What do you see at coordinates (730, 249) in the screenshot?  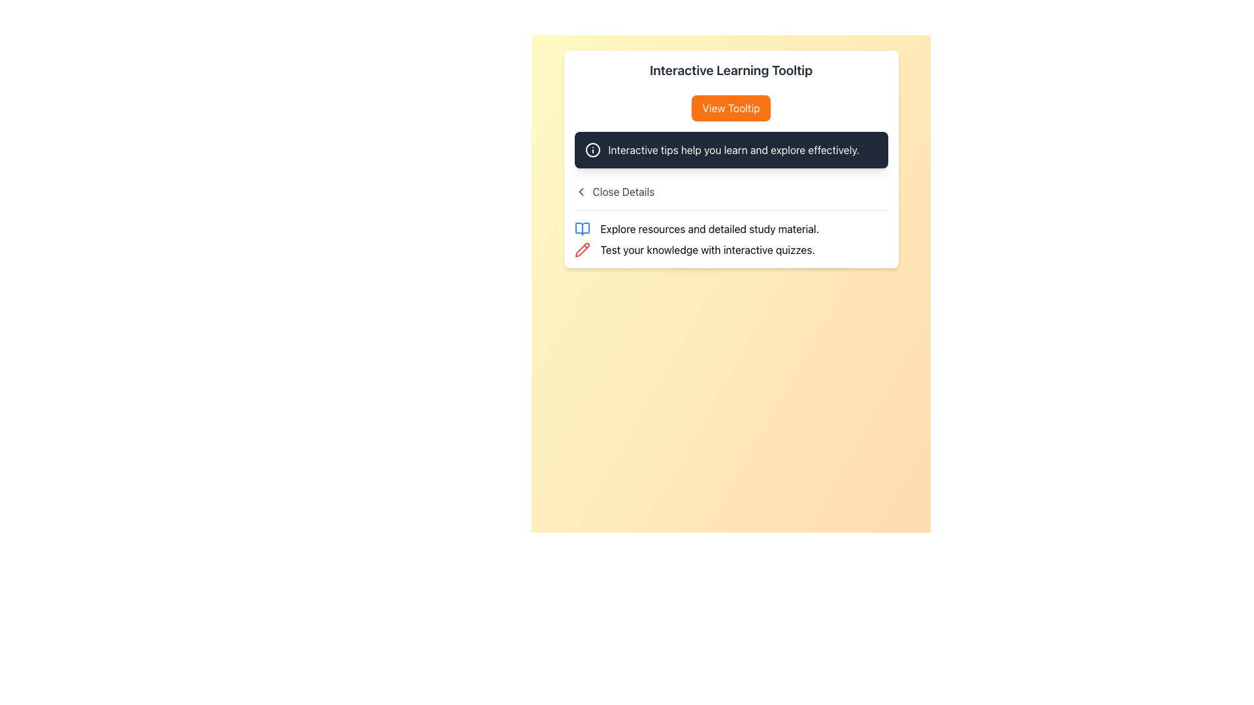 I see `descriptive text section that includes the red pencil icon next to the text 'Test your knowledge with interactive quizzes.'` at bounding box center [730, 249].